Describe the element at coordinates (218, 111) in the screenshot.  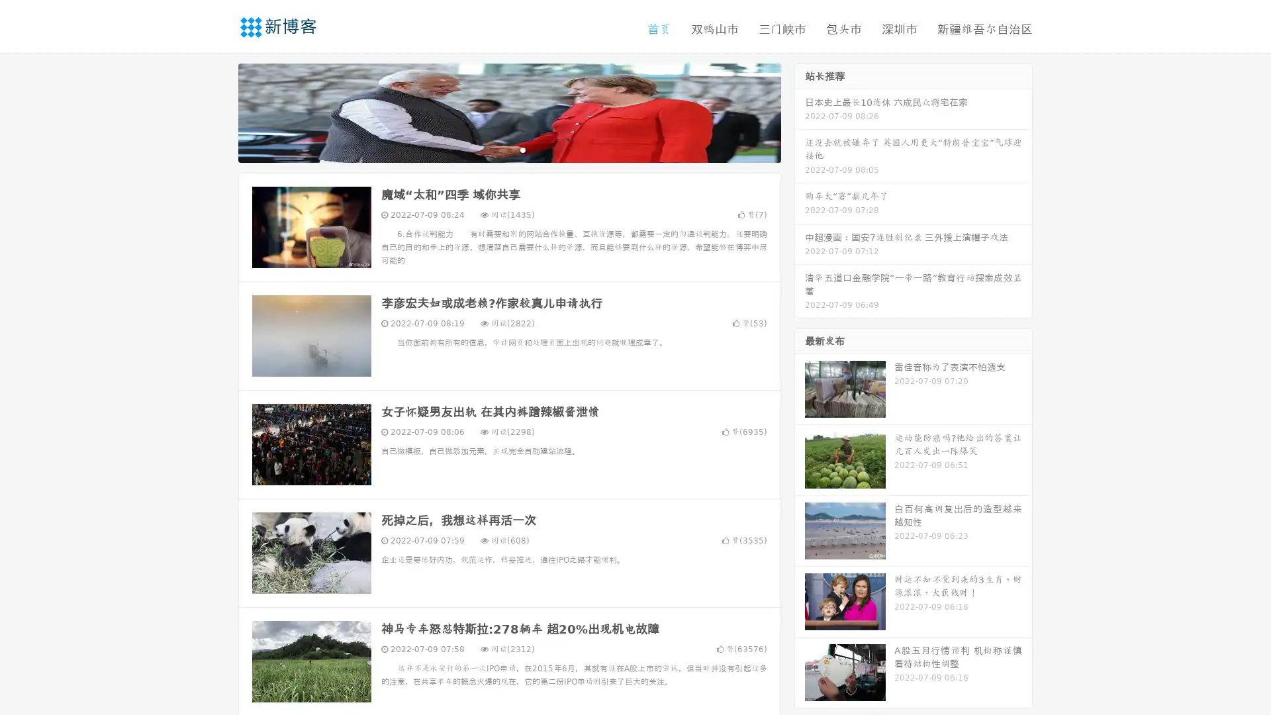
I see `Previous slide` at that location.